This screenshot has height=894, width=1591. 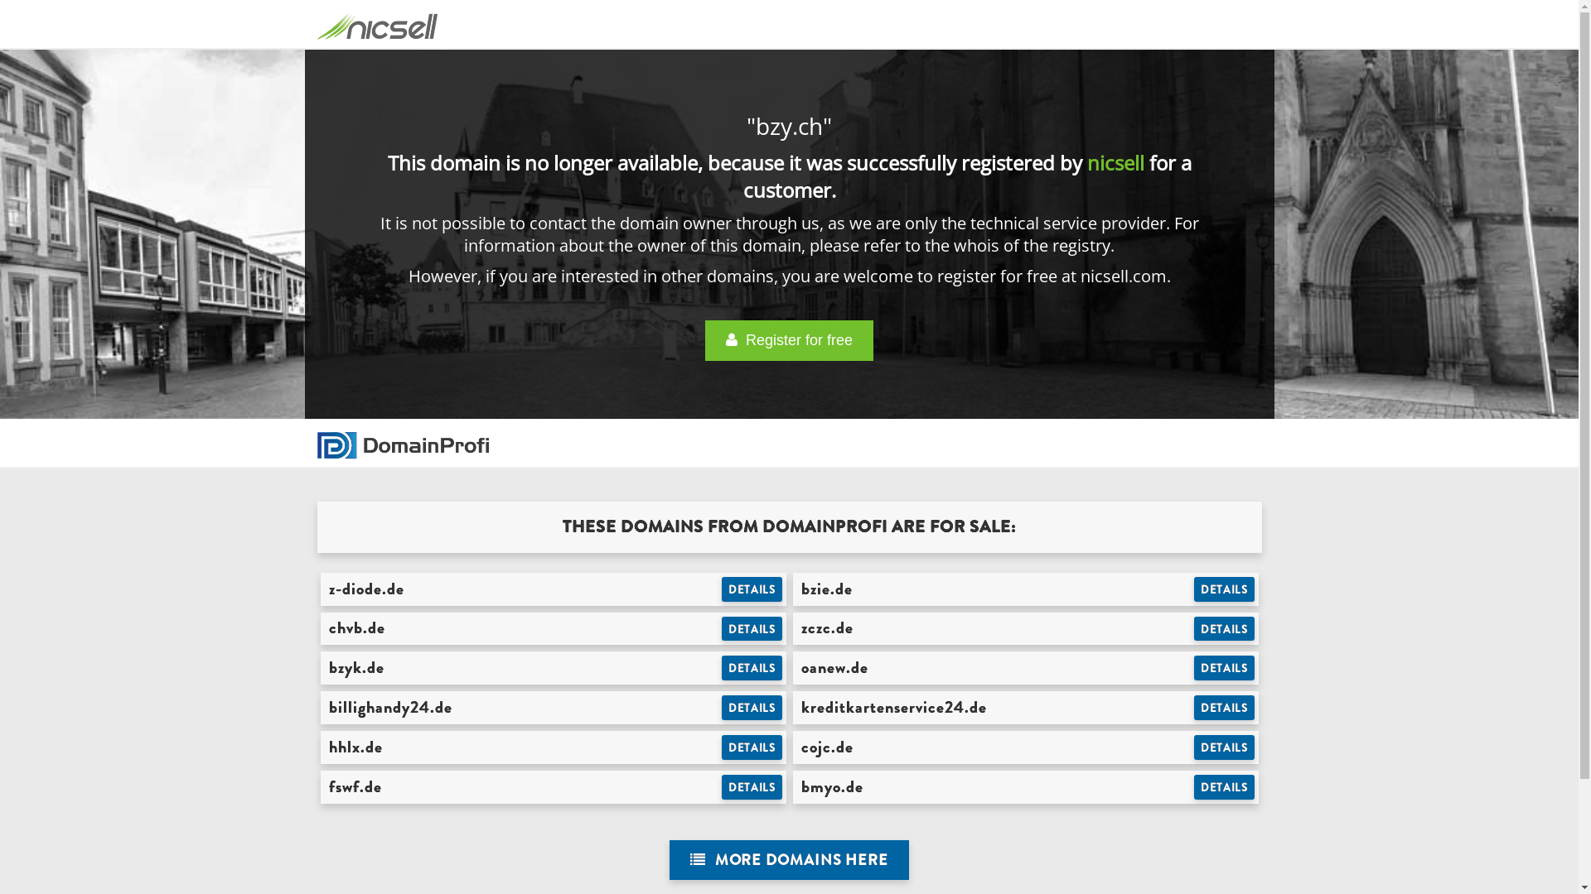 I want to click on 'DETAILS', so click(x=1193, y=786).